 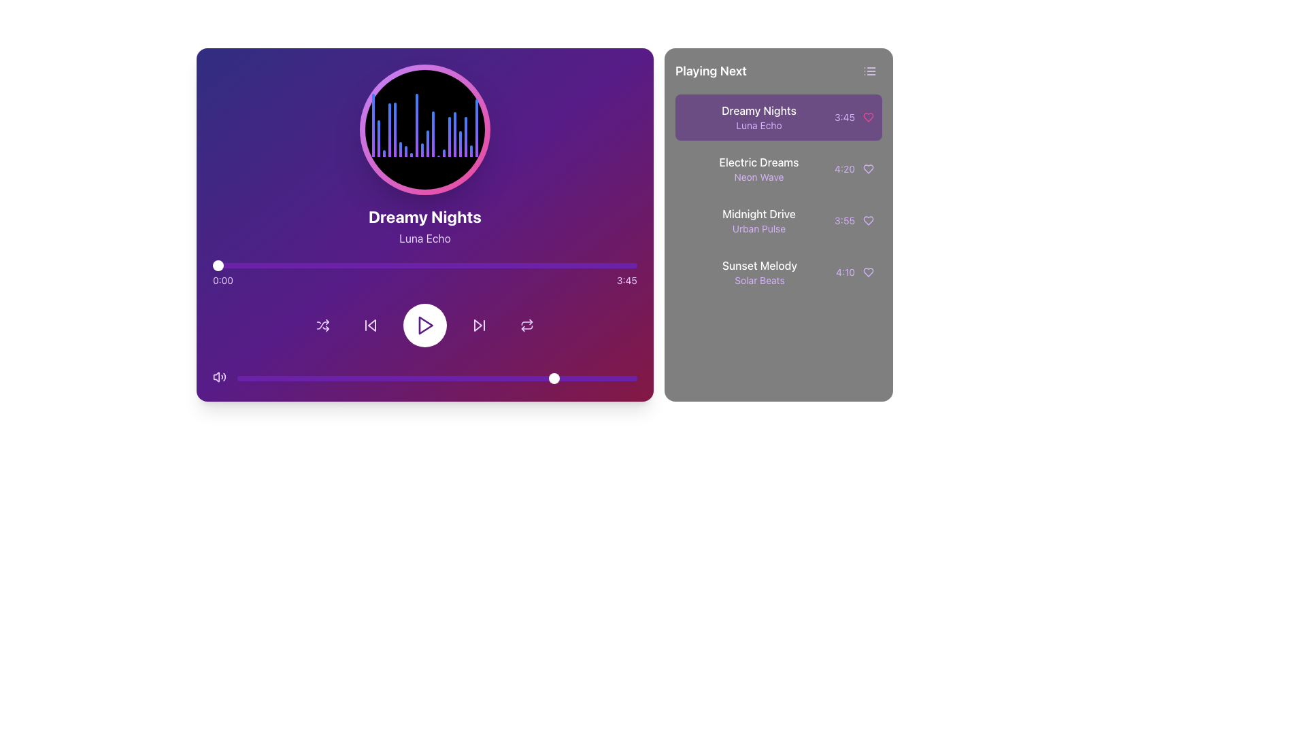 What do you see at coordinates (867, 273) in the screenshot?
I see `the heart-shaped icon outlined in purple, representing the last item in the 'Playing Next' section of the music app interface, located to the right of the 'Sunset Melody' text and the duration '4:10'` at bounding box center [867, 273].